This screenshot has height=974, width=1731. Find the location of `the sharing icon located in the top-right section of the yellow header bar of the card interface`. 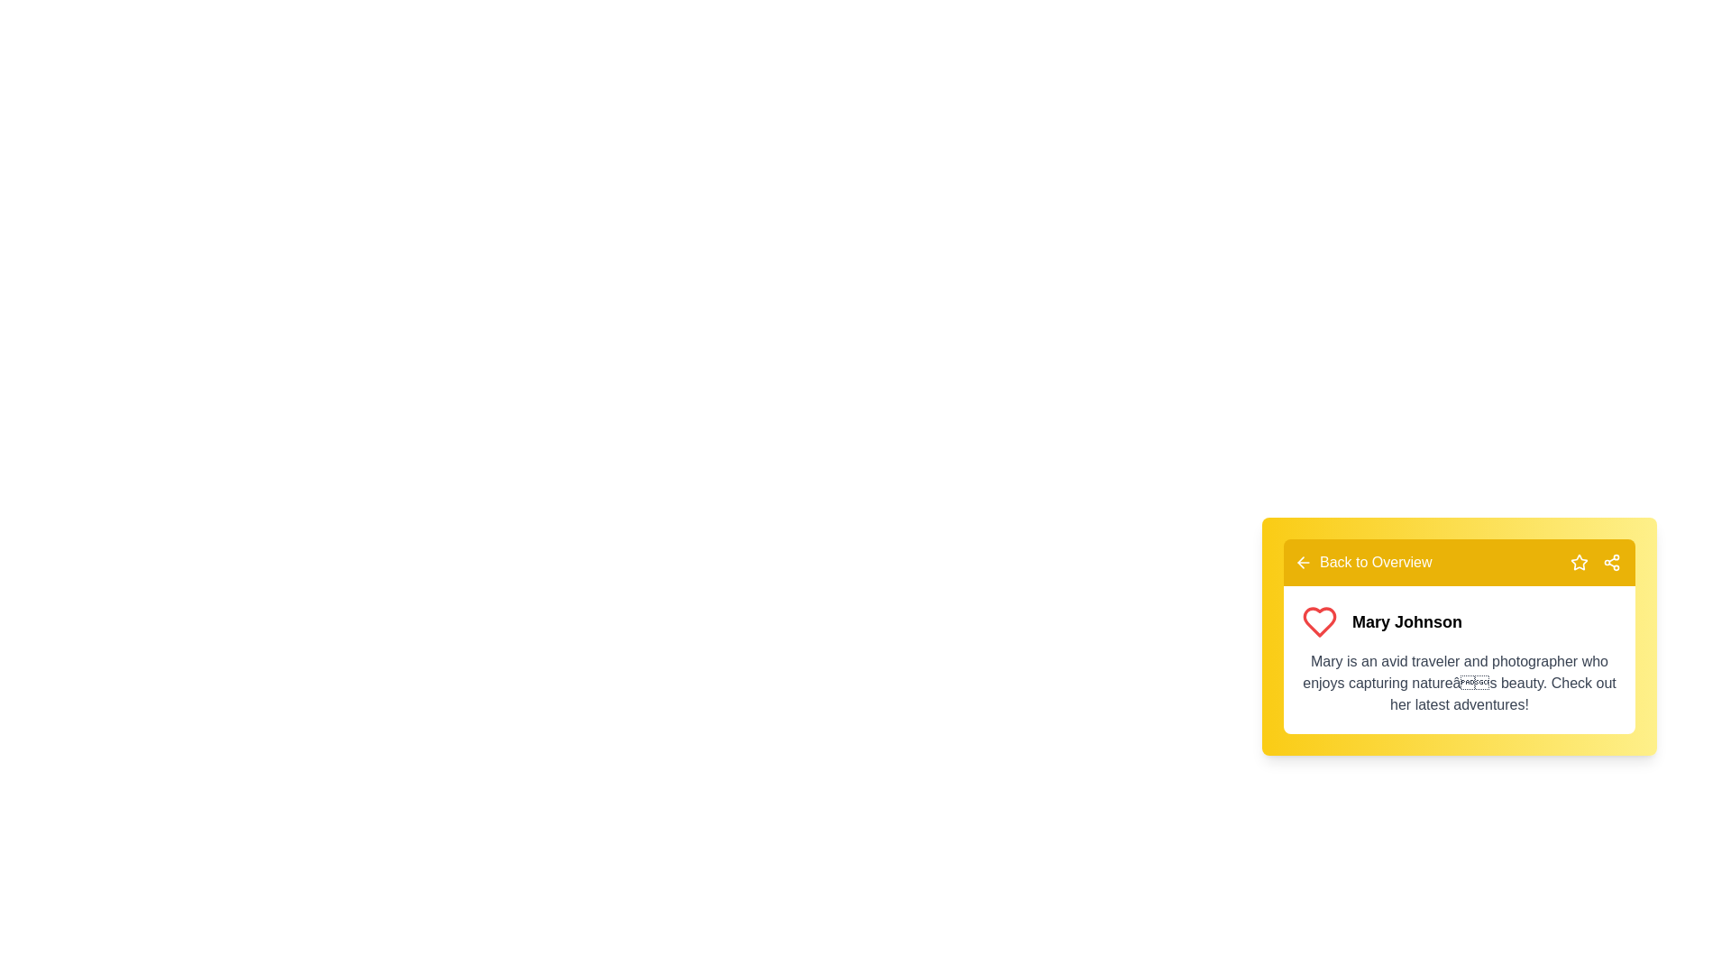

the sharing icon located in the top-right section of the yellow header bar of the card interface is located at coordinates (1612, 562).